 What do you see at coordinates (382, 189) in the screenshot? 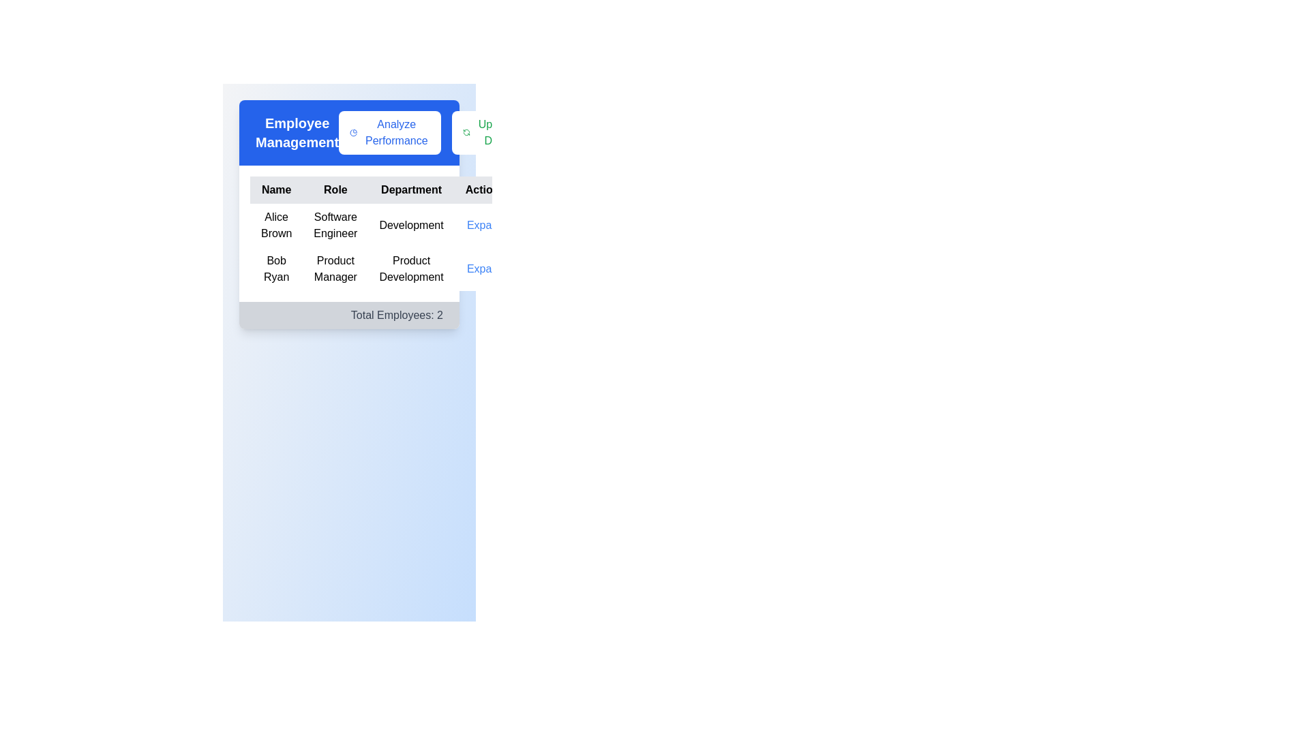
I see `the gray header row of the table containing the labels 'Name', 'Role', 'Department', and 'Actions'` at bounding box center [382, 189].